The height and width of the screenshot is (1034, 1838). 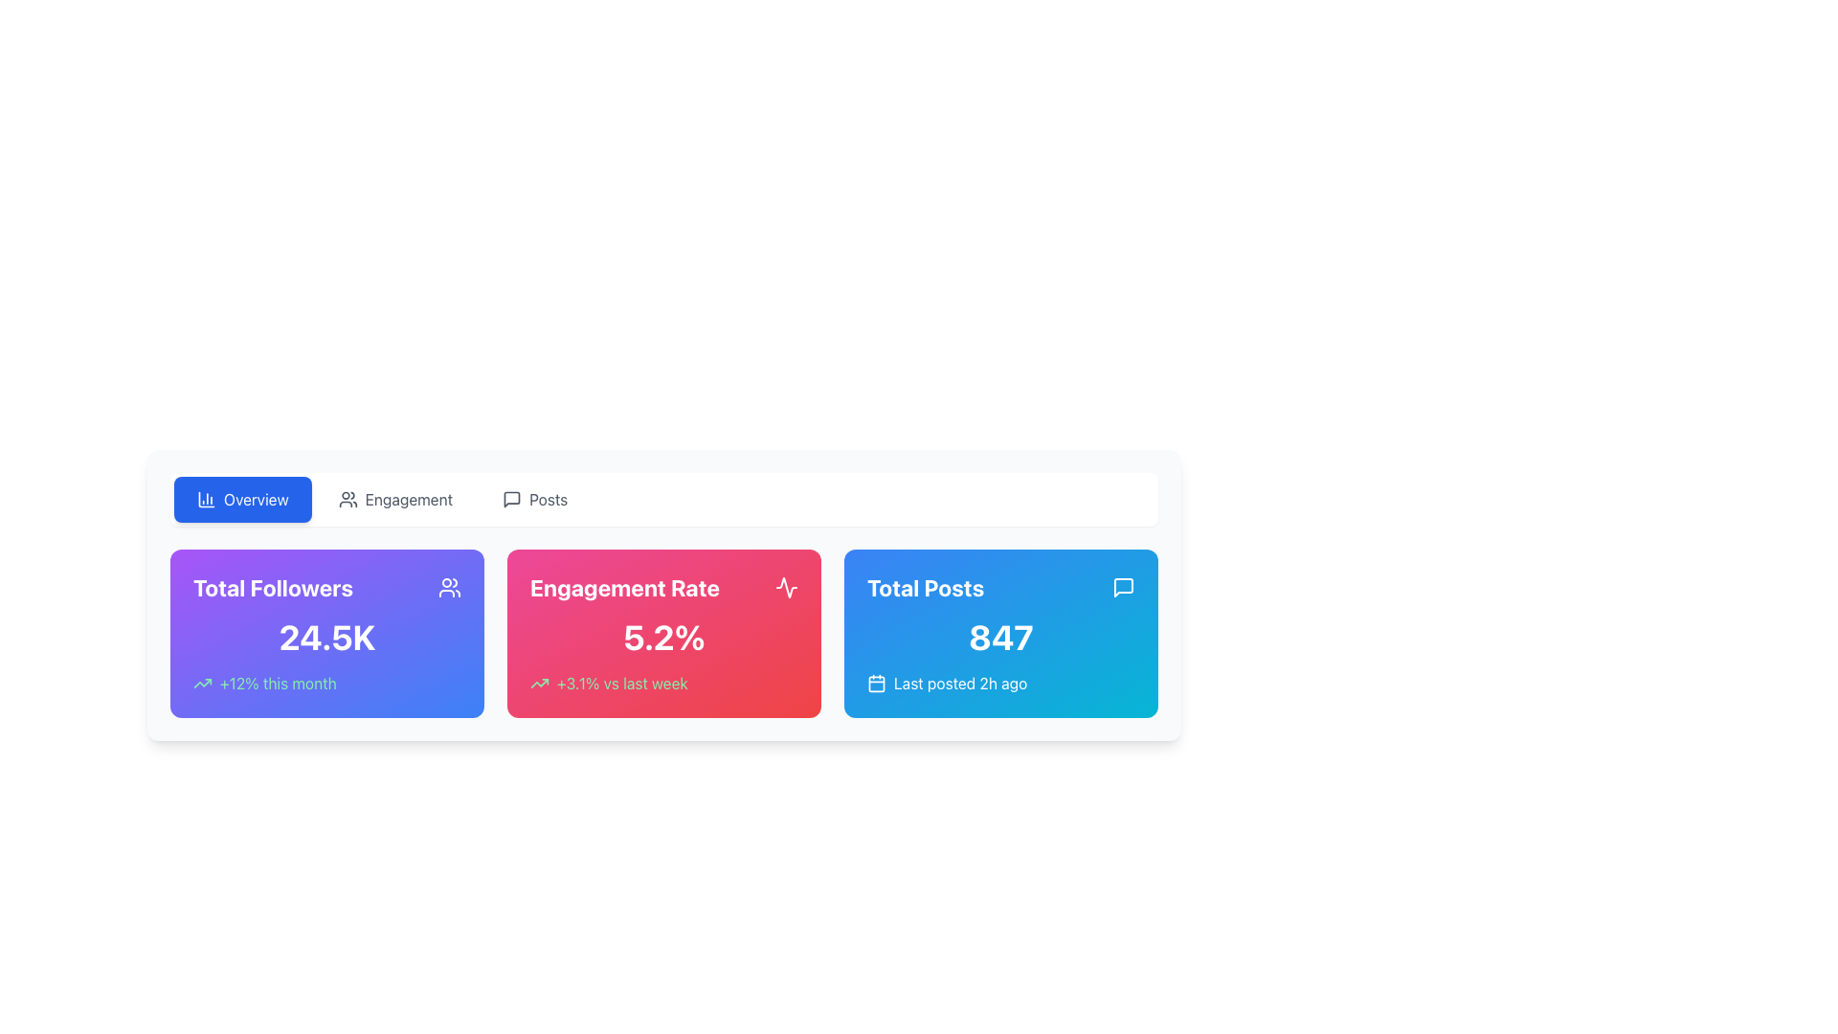 I want to click on the blue button with rounded corners labeled 'Overview', so click(x=241, y=498).